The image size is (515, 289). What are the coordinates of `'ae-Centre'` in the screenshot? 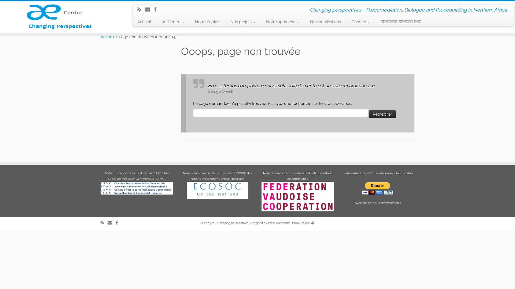 It's located at (173, 21).